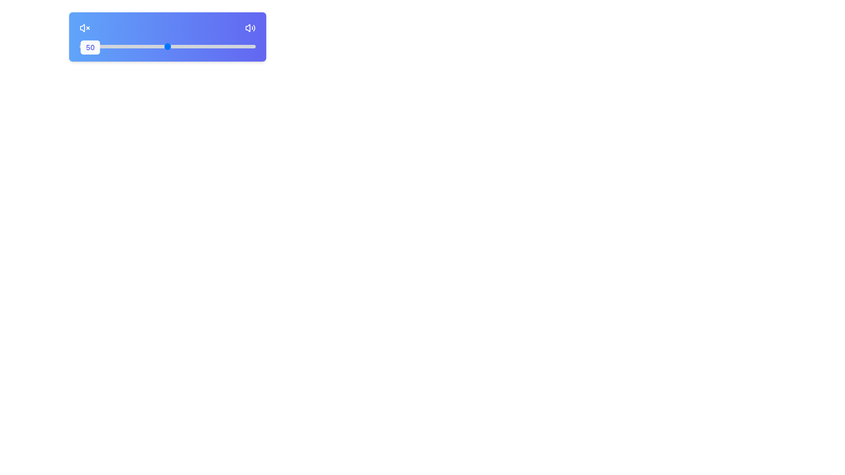 The width and height of the screenshot is (845, 475). I want to click on the slider, so click(116, 46).